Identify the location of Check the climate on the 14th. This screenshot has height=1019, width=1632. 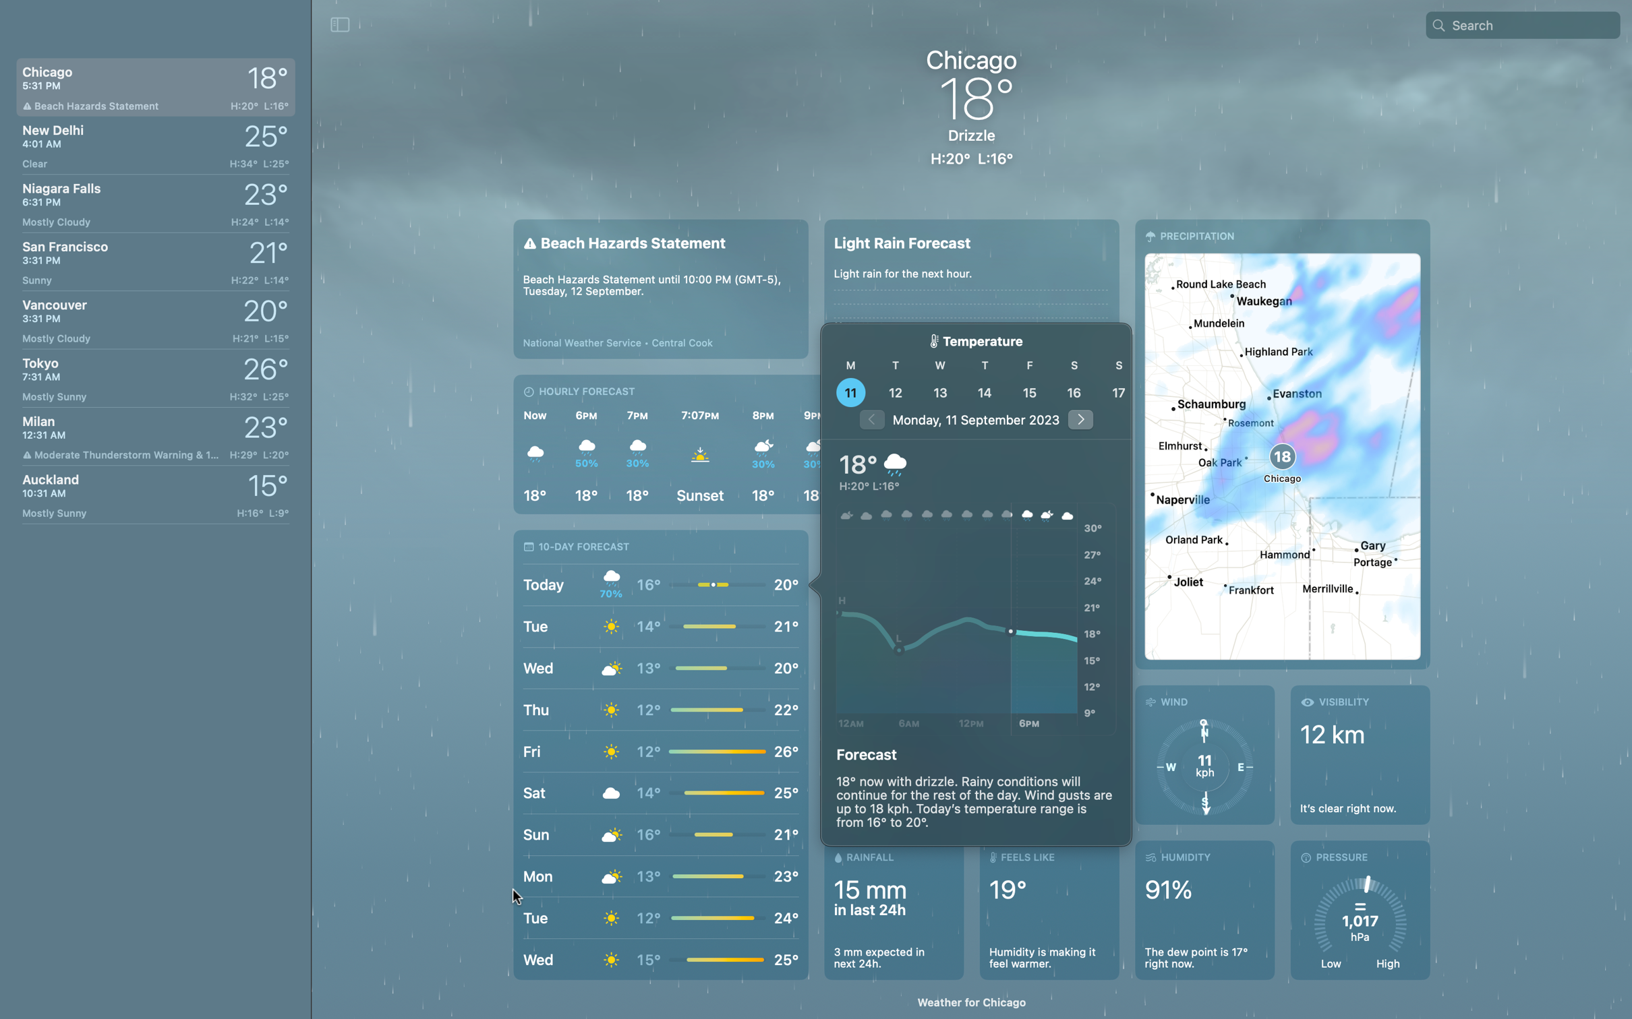
(983, 392).